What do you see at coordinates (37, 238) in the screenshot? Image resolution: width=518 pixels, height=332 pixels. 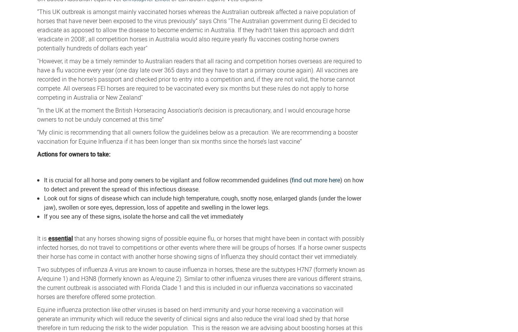 I see `'It is'` at bounding box center [37, 238].